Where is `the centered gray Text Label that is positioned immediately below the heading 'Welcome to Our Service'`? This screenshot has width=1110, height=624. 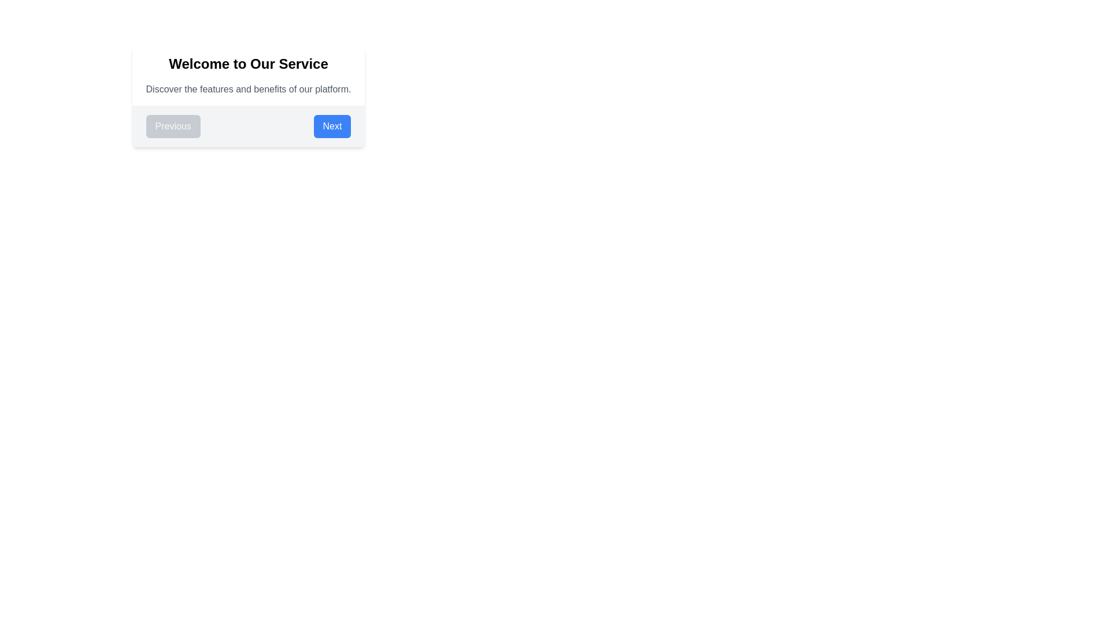 the centered gray Text Label that is positioned immediately below the heading 'Welcome to Our Service' is located at coordinates (248, 88).